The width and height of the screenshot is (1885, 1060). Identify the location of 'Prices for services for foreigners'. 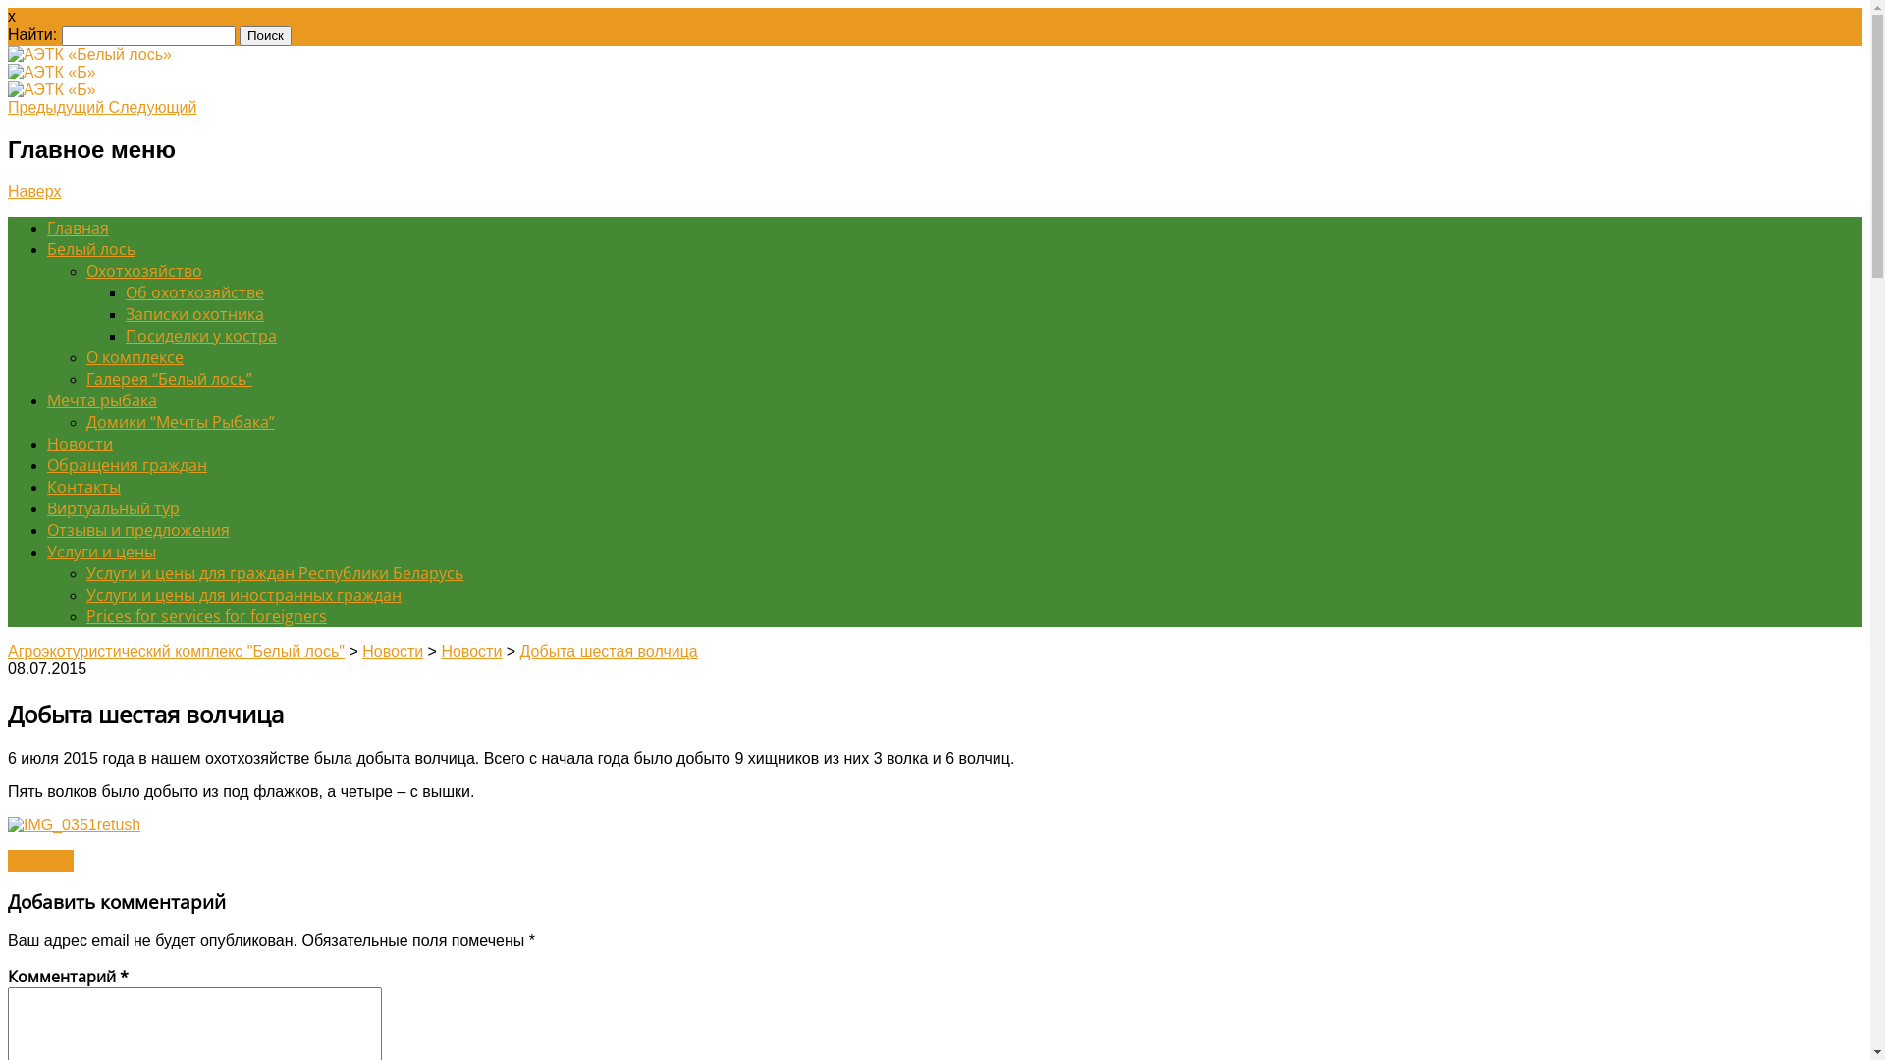
(84, 615).